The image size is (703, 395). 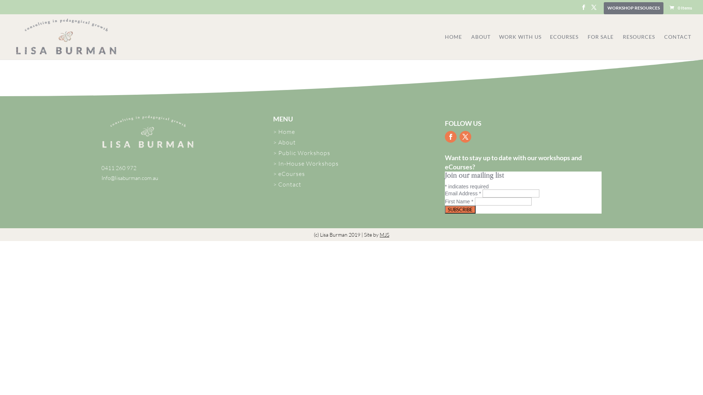 I want to click on 'eCourses', so click(x=291, y=173).